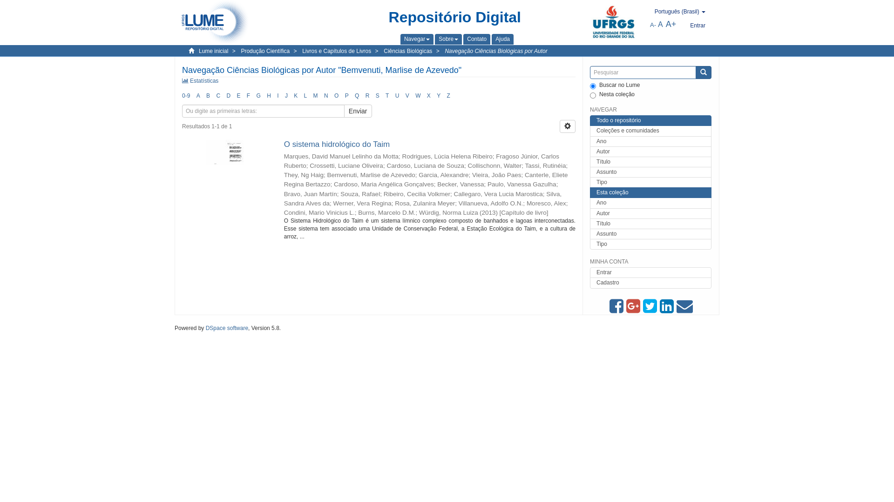  Describe the element at coordinates (617, 306) in the screenshot. I see `'Compartilhe no Facebook'` at that location.